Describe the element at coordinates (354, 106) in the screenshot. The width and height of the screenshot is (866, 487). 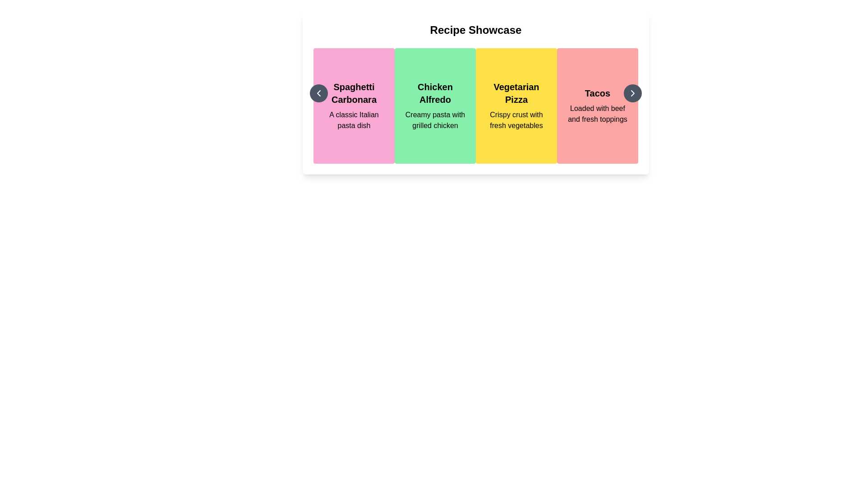
I see `the first recipe card in the carousel that represents a specific dish, which includes the name and brief description` at that location.